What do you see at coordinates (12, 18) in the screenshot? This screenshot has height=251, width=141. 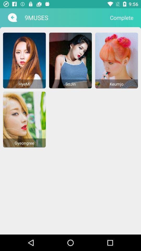 I see `go back` at bounding box center [12, 18].